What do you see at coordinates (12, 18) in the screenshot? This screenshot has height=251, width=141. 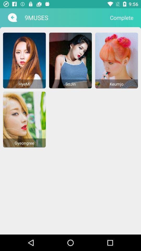 I see `go back` at bounding box center [12, 18].